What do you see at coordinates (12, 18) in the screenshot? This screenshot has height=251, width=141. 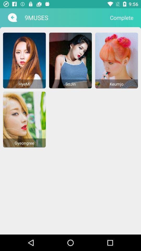 I see `go back` at bounding box center [12, 18].